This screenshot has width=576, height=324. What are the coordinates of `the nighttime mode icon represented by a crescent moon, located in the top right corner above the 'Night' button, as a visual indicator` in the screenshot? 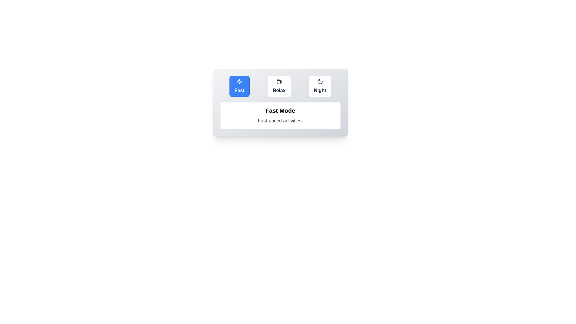 It's located at (319, 82).